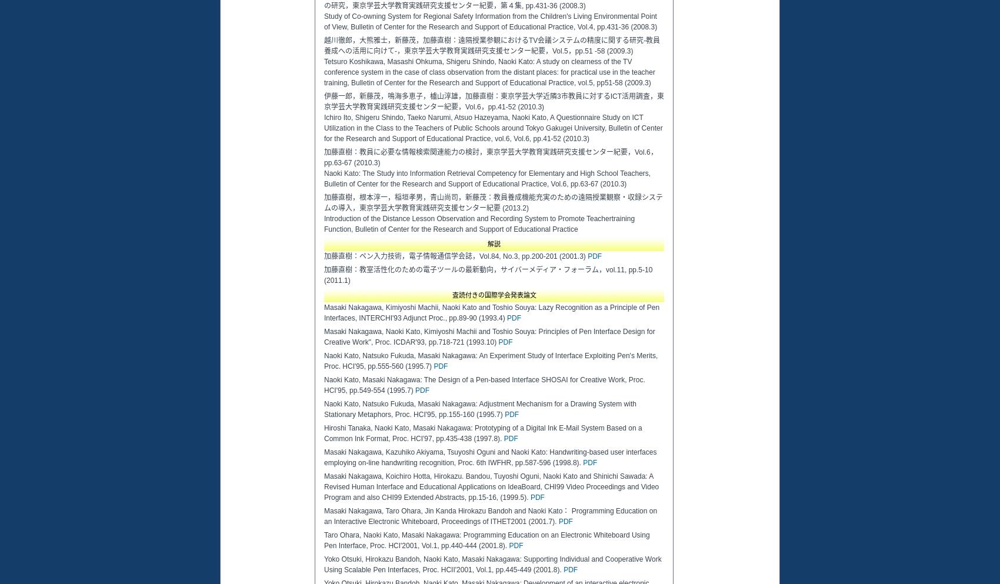  What do you see at coordinates (455, 256) in the screenshot?
I see `'加藤直樹：ペン入力技術，電子情報通信学会誌，Vol.84, No.3, pp.200-201 (2001.3)'` at bounding box center [455, 256].